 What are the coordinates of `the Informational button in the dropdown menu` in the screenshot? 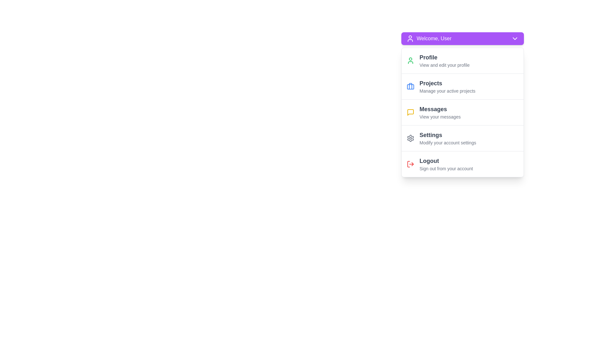 It's located at (444, 60).